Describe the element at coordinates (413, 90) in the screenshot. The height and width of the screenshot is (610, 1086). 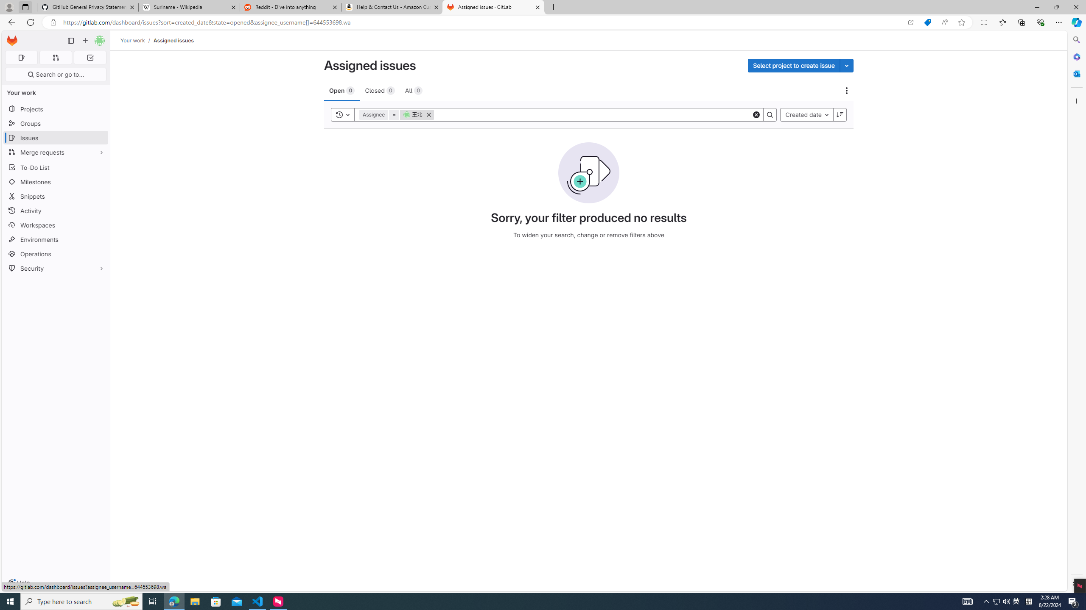
I see `'All 0'` at that location.